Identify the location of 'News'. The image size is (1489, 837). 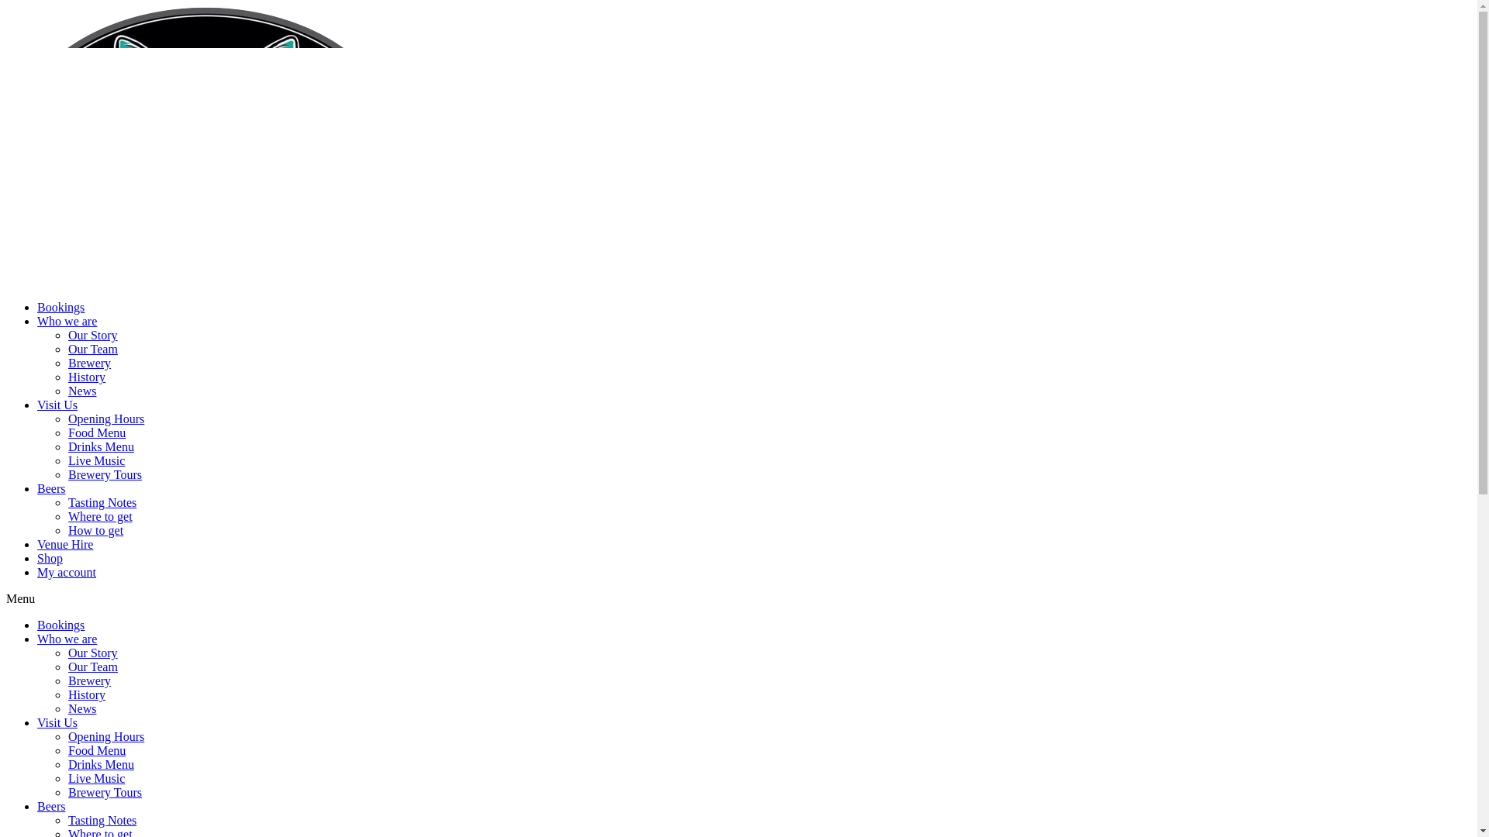
(81, 390).